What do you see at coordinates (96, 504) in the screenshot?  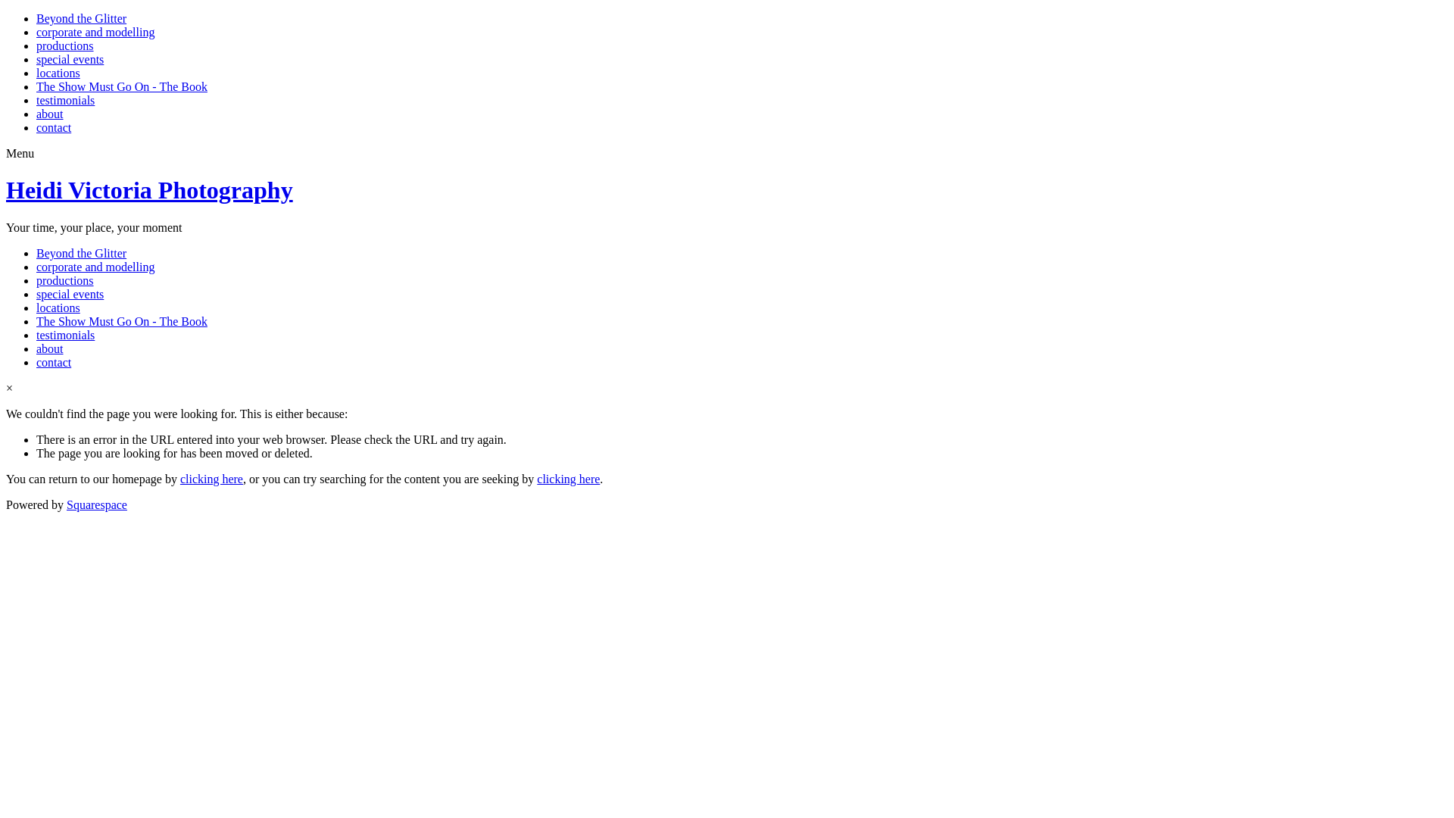 I see `'Squarespace'` at bounding box center [96, 504].